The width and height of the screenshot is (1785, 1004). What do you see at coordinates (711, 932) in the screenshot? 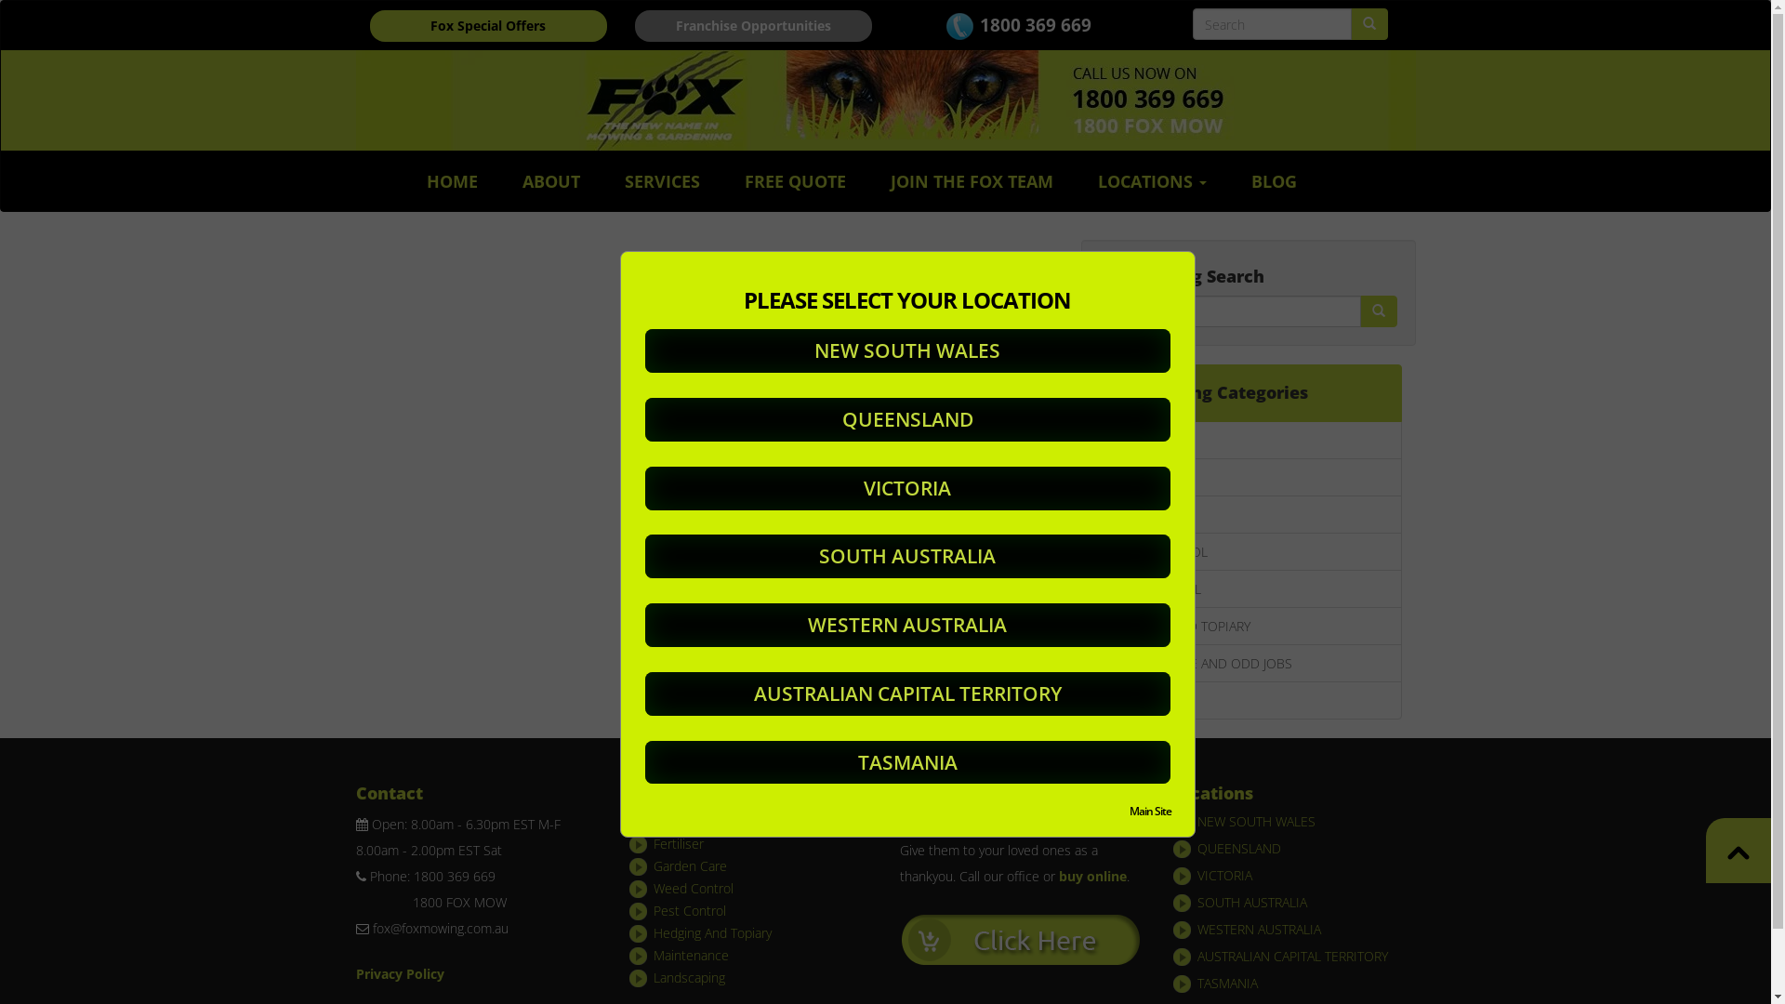
I see `'Hedging And Topiary'` at bounding box center [711, 932].